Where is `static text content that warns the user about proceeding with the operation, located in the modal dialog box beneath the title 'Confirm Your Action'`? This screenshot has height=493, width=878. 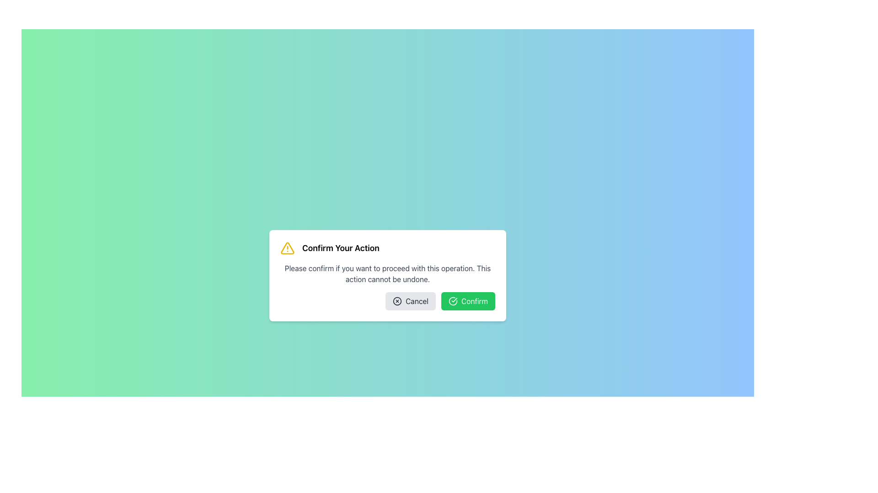 static text content that warns the user about proceeding with the operation, located in the modal dialog box beneath the title 'Confirm Your Action' is located at coordinates (388, 273).